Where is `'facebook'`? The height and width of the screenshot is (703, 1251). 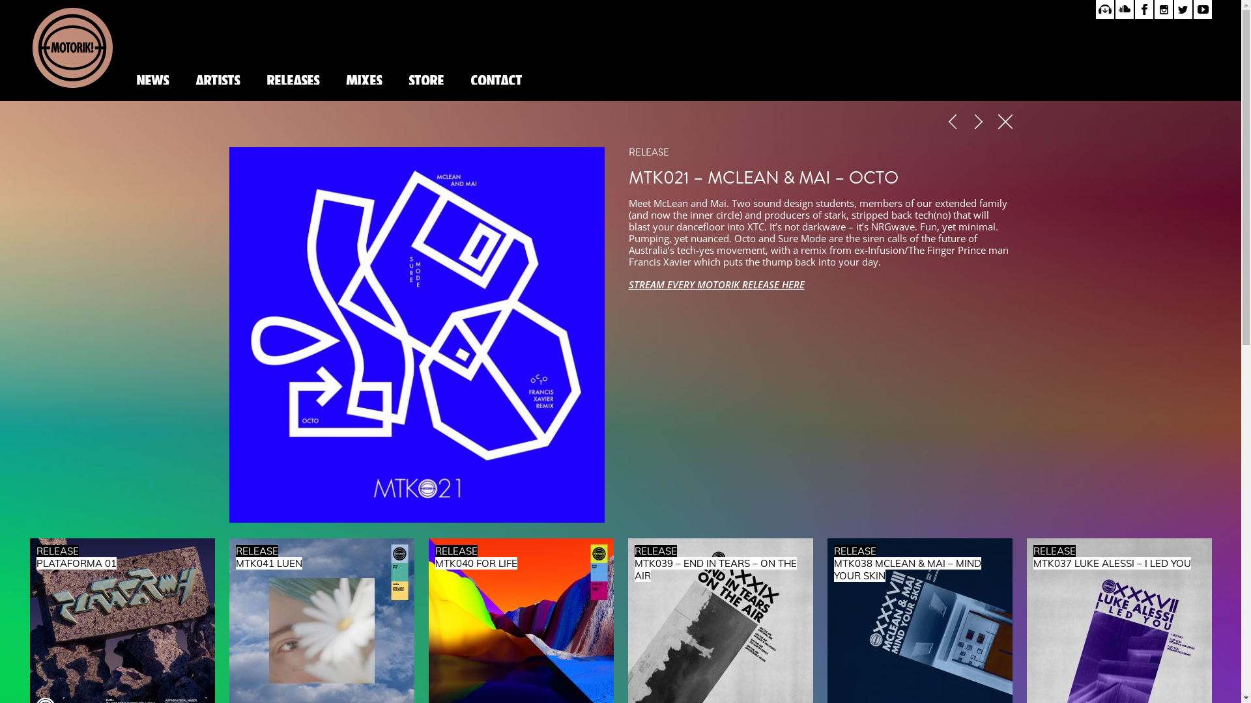
'facebook' is located at coordinates (1134, 9).